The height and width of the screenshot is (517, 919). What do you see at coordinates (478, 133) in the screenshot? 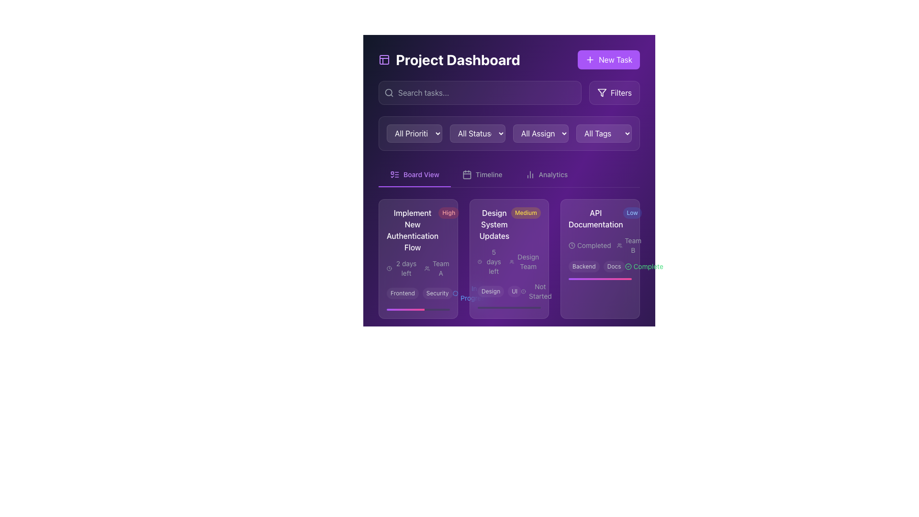
I see `the 'All Status' dropdown toggle button` at bounding box center [478, 133].